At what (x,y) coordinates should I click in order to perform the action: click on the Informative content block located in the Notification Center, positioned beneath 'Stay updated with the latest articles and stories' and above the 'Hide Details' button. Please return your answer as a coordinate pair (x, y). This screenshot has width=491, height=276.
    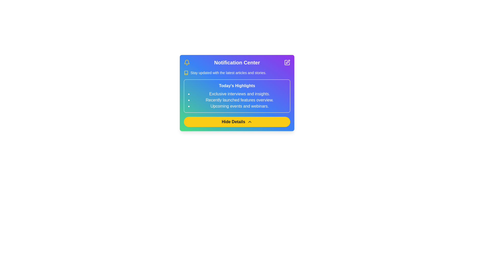
    Looking at the image, I should click on (237, 91).